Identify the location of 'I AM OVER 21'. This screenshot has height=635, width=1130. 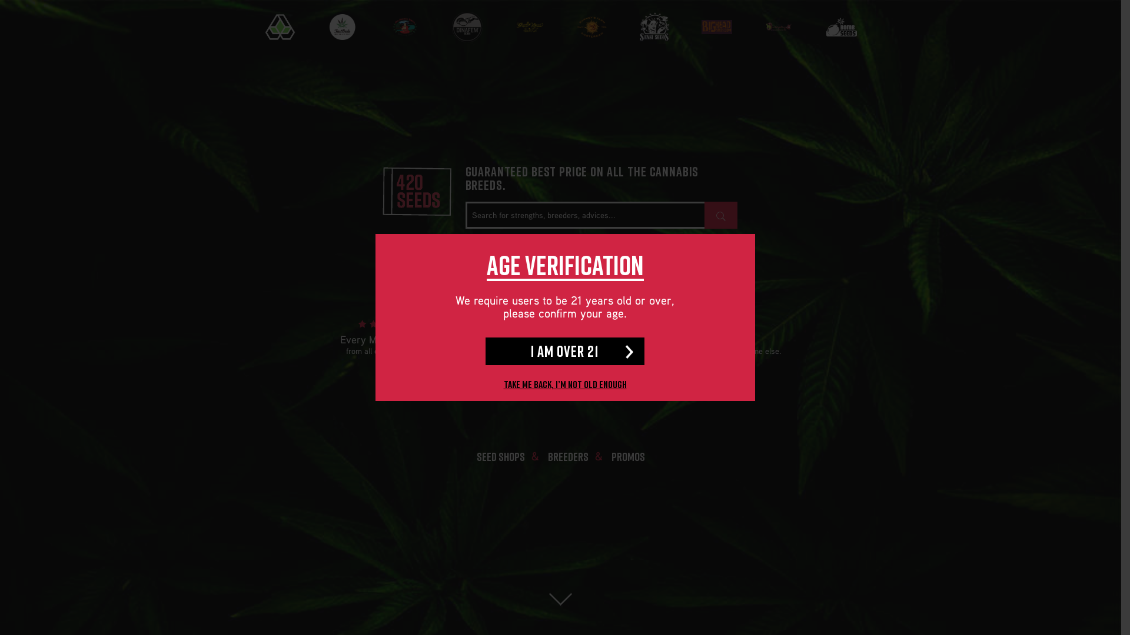
(486, 350).